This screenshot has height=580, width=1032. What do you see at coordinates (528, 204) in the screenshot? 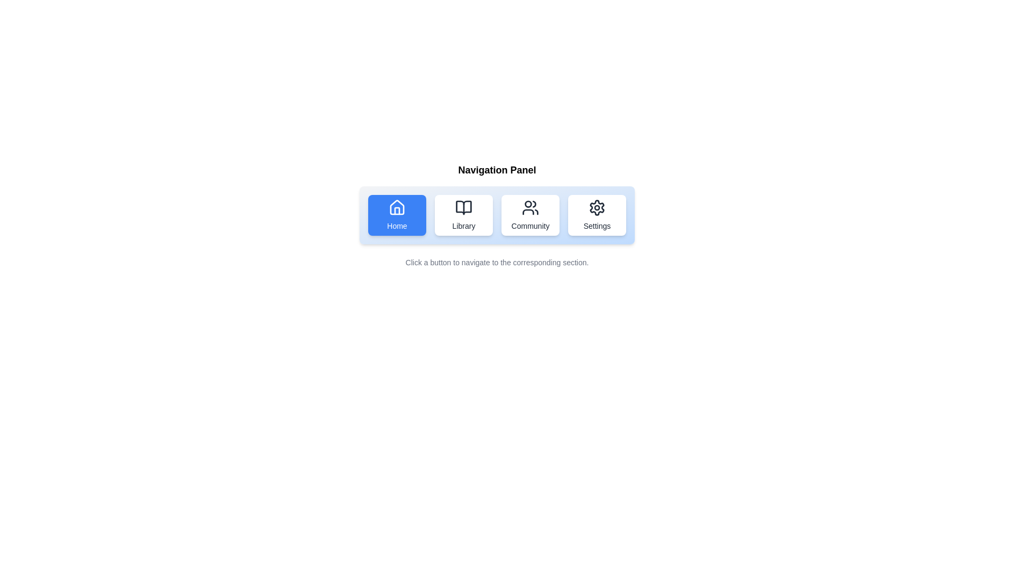
I see `the SVG Circle, which represents the head in the user figure of the Community icon located near the upper part of the navigation bar, specifically the third icon from the left` at bounding box center [528, 204].